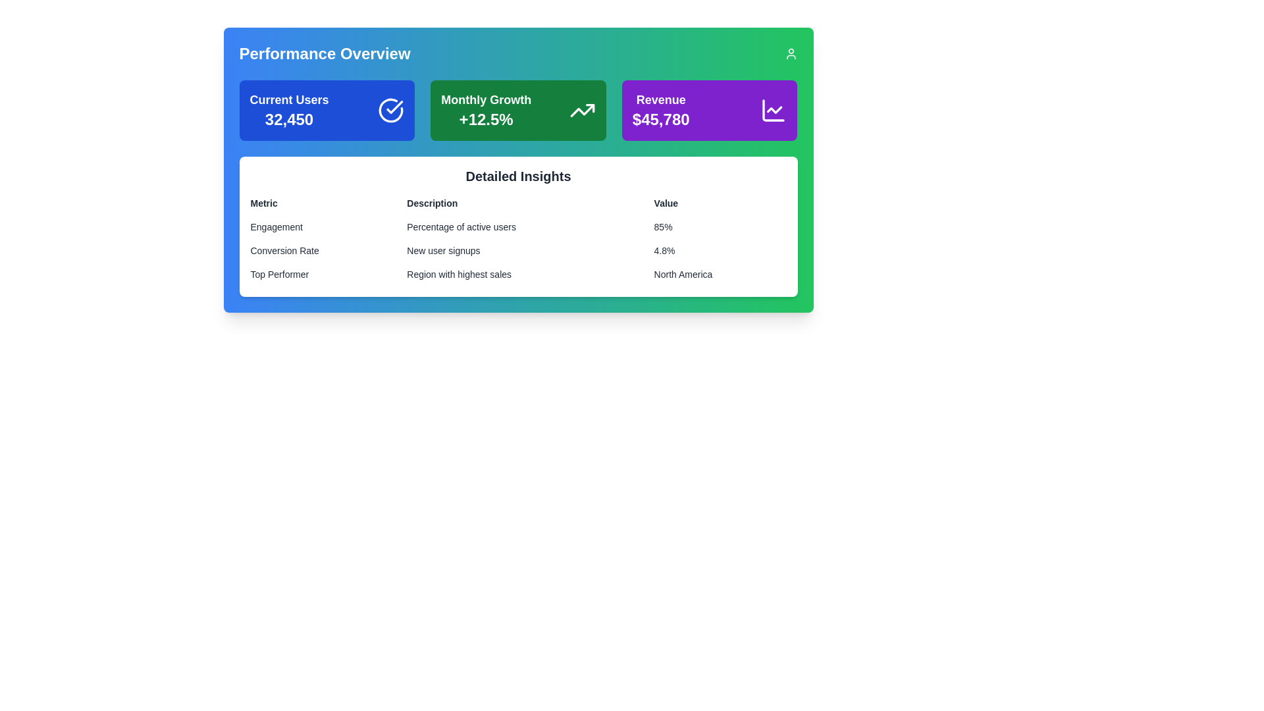 The width and height of the screenshot is (1264, 711). Describe the element at coordinates (661, 99) in the screenshot. I see `the 'Revenue' text label located in the top-right purple box, which is styled with a large bold font and is positioned above the monetary value '$45,780'` at that location.